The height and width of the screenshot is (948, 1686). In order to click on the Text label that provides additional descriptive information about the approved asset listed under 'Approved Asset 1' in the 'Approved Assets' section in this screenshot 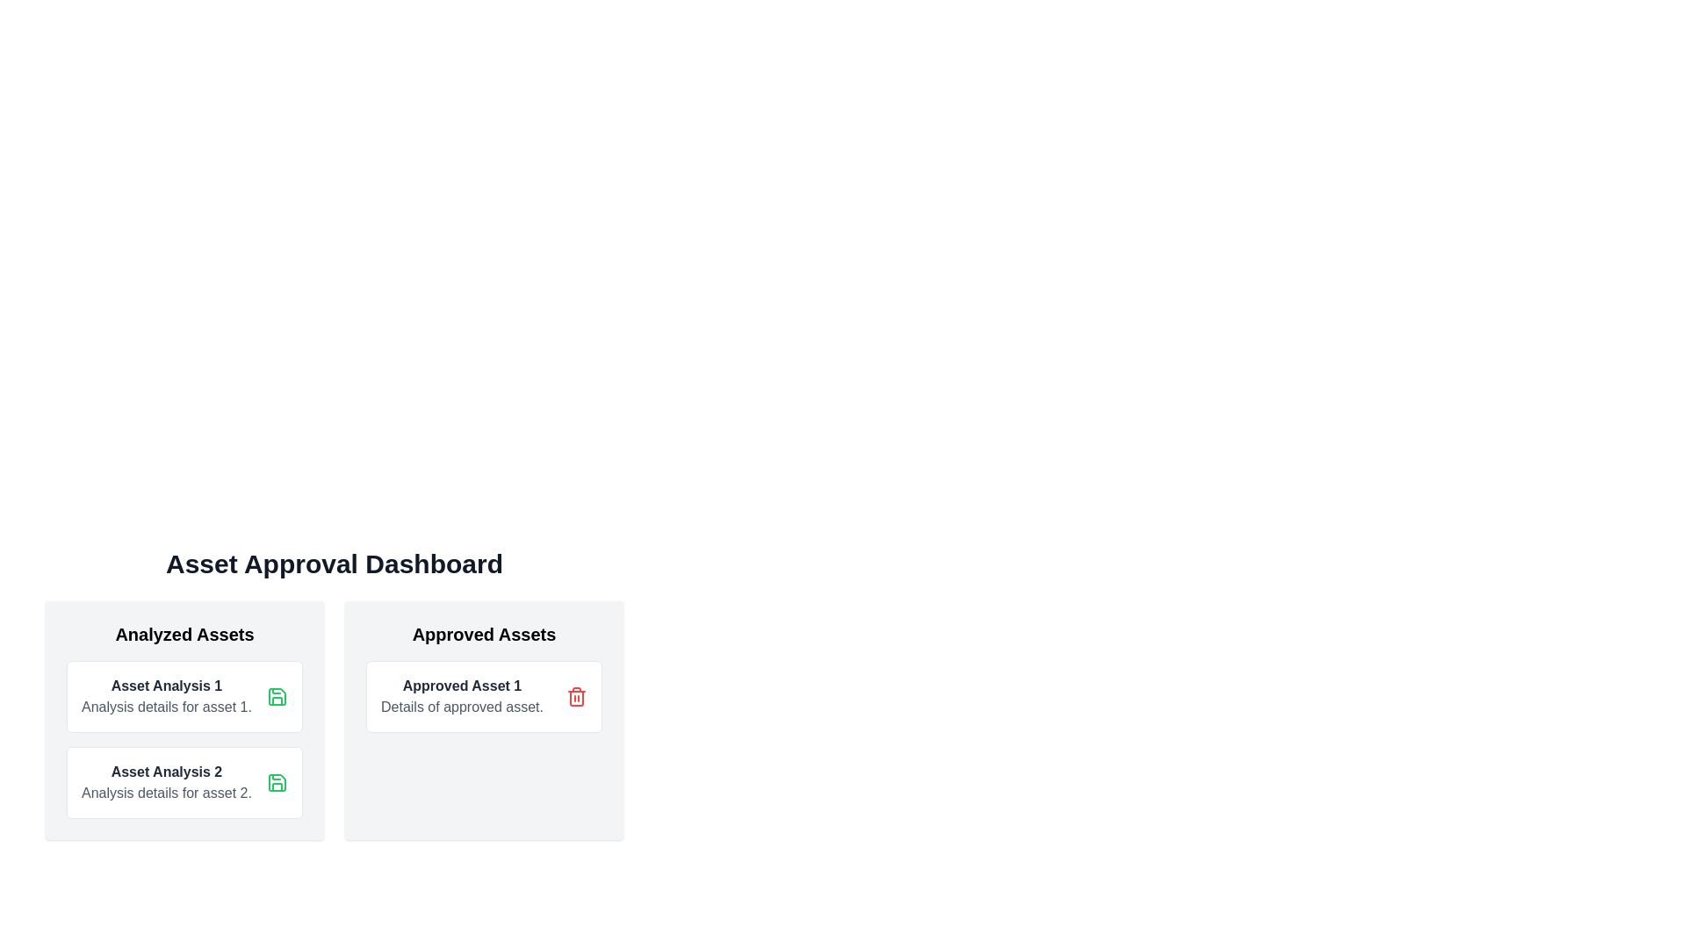, I will do `click(462, 707)`.